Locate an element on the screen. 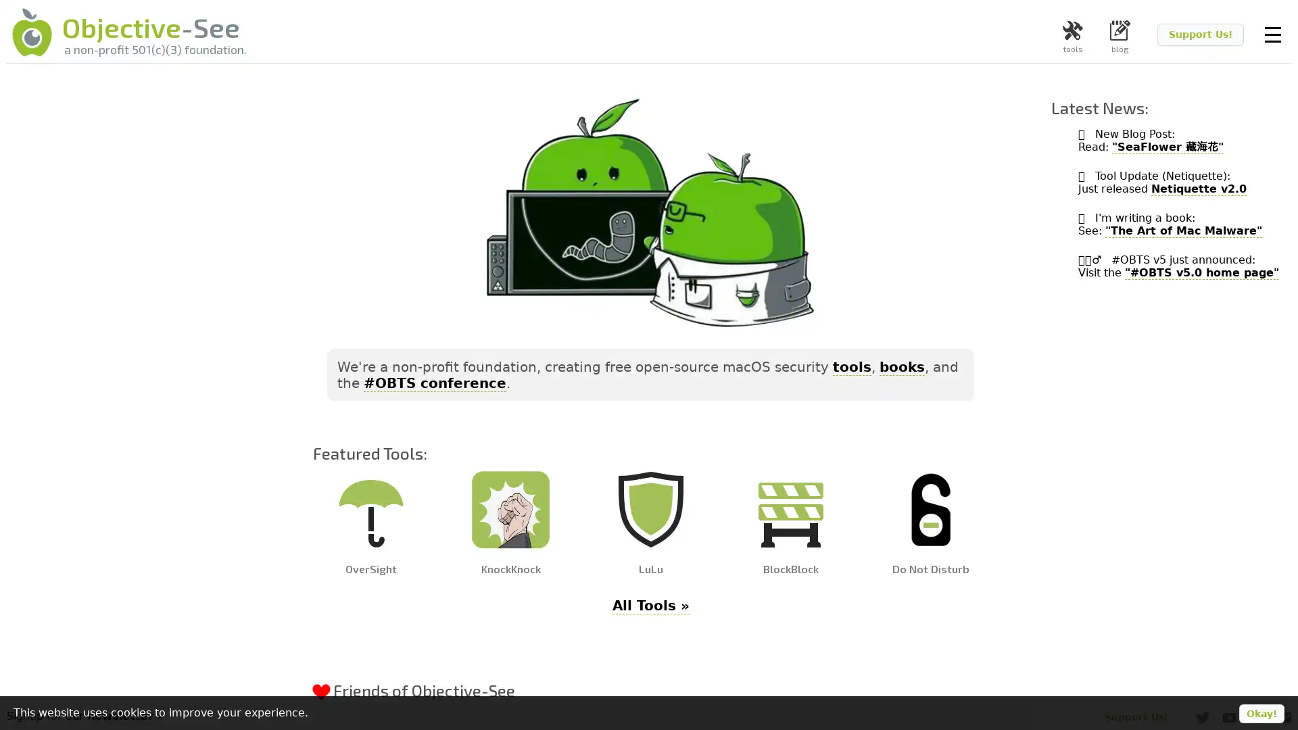 This screenshot has width=1298, height=730. Okay! is located at coordinates (1261, 713).